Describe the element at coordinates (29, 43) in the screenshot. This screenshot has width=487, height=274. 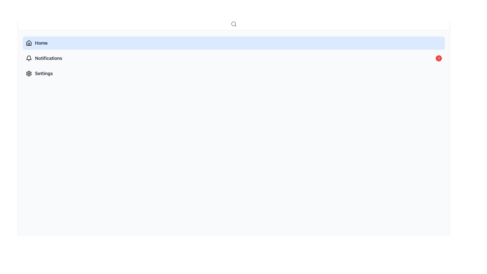
I see `the house-shaped icon located in the navigation menu next to the 'Home' text label` at that location.